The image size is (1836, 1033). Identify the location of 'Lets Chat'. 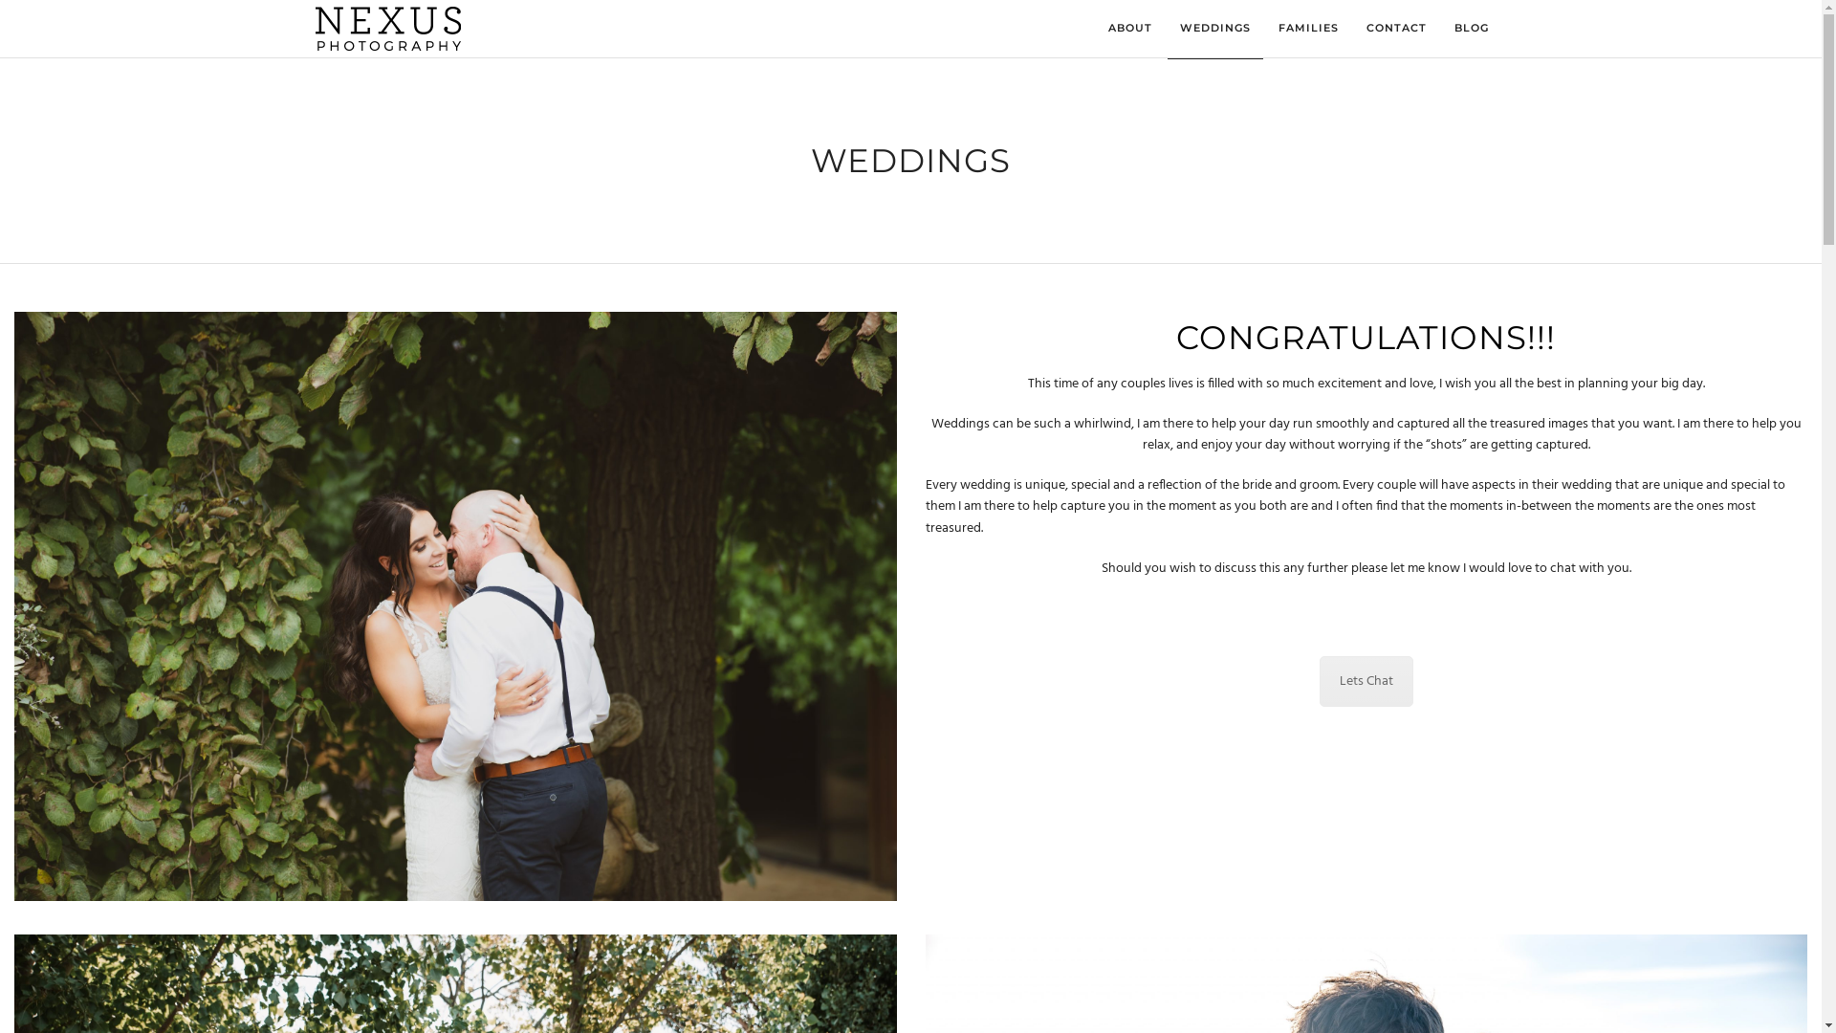
(1366, 680).